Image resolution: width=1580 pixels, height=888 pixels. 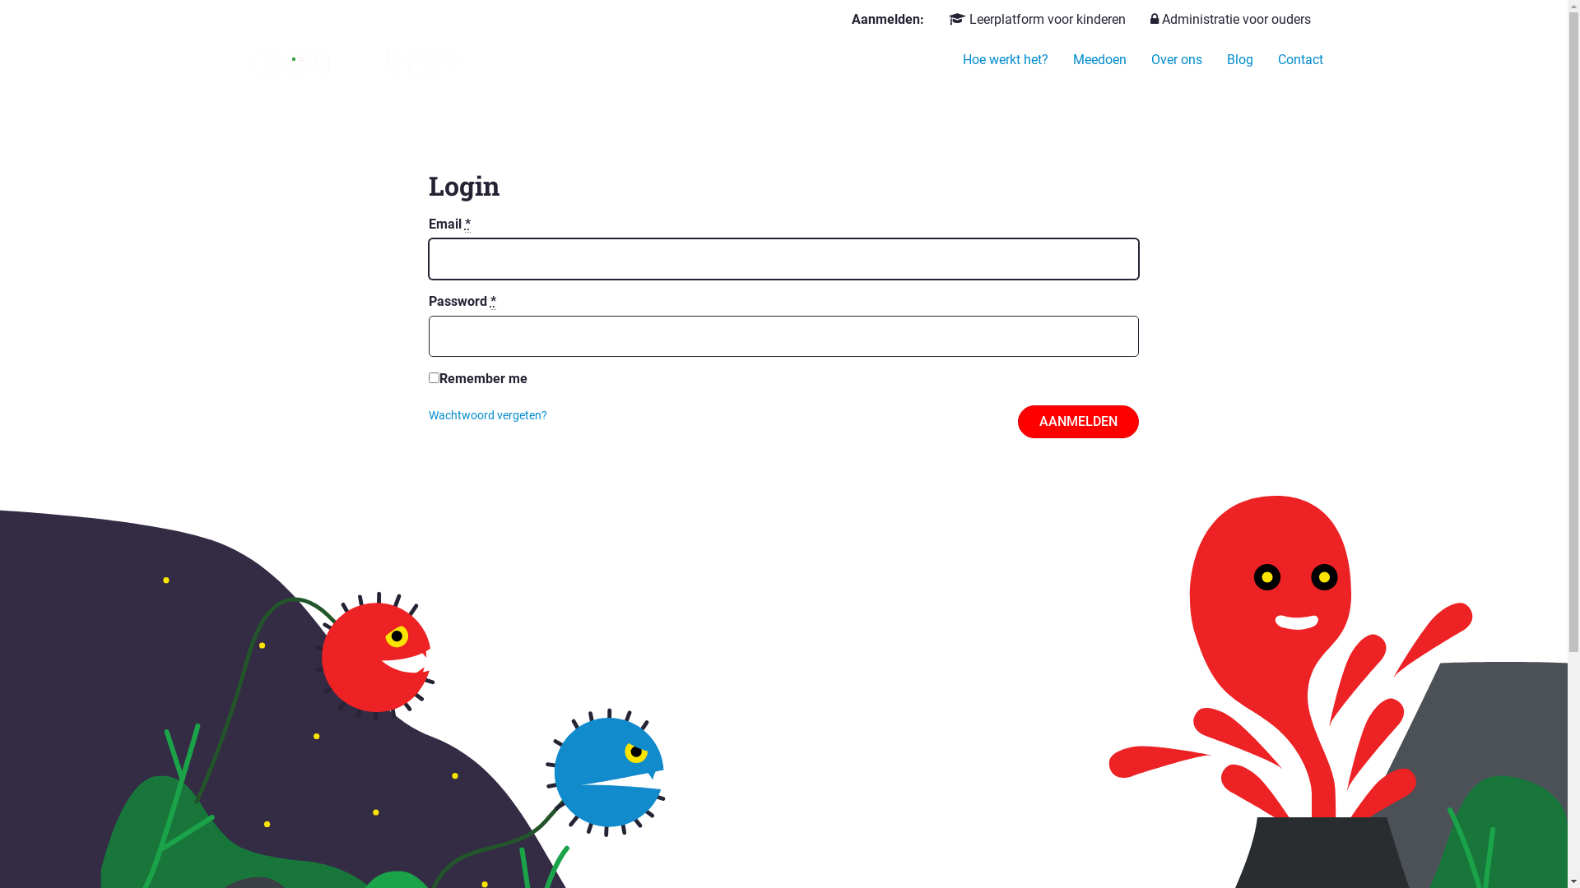 I want to click on 'Over ons', so click(x=1176, y=59).